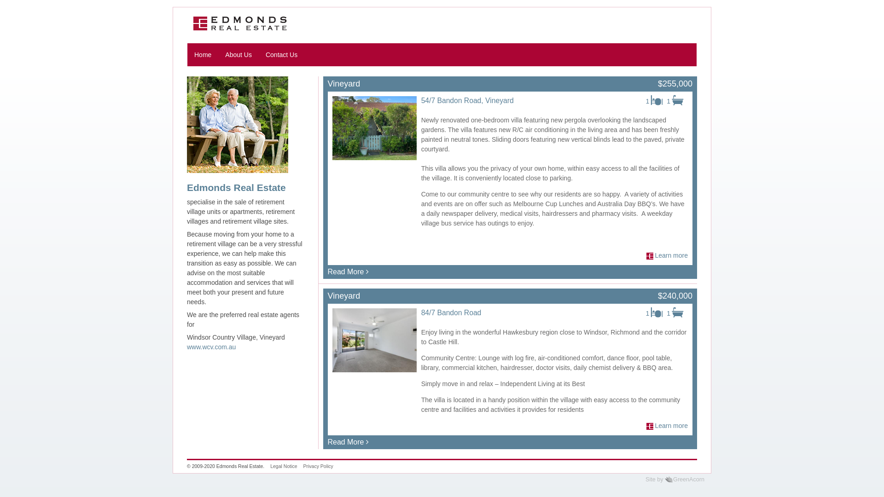  I want to click on 'About Us', so click(218, 55).